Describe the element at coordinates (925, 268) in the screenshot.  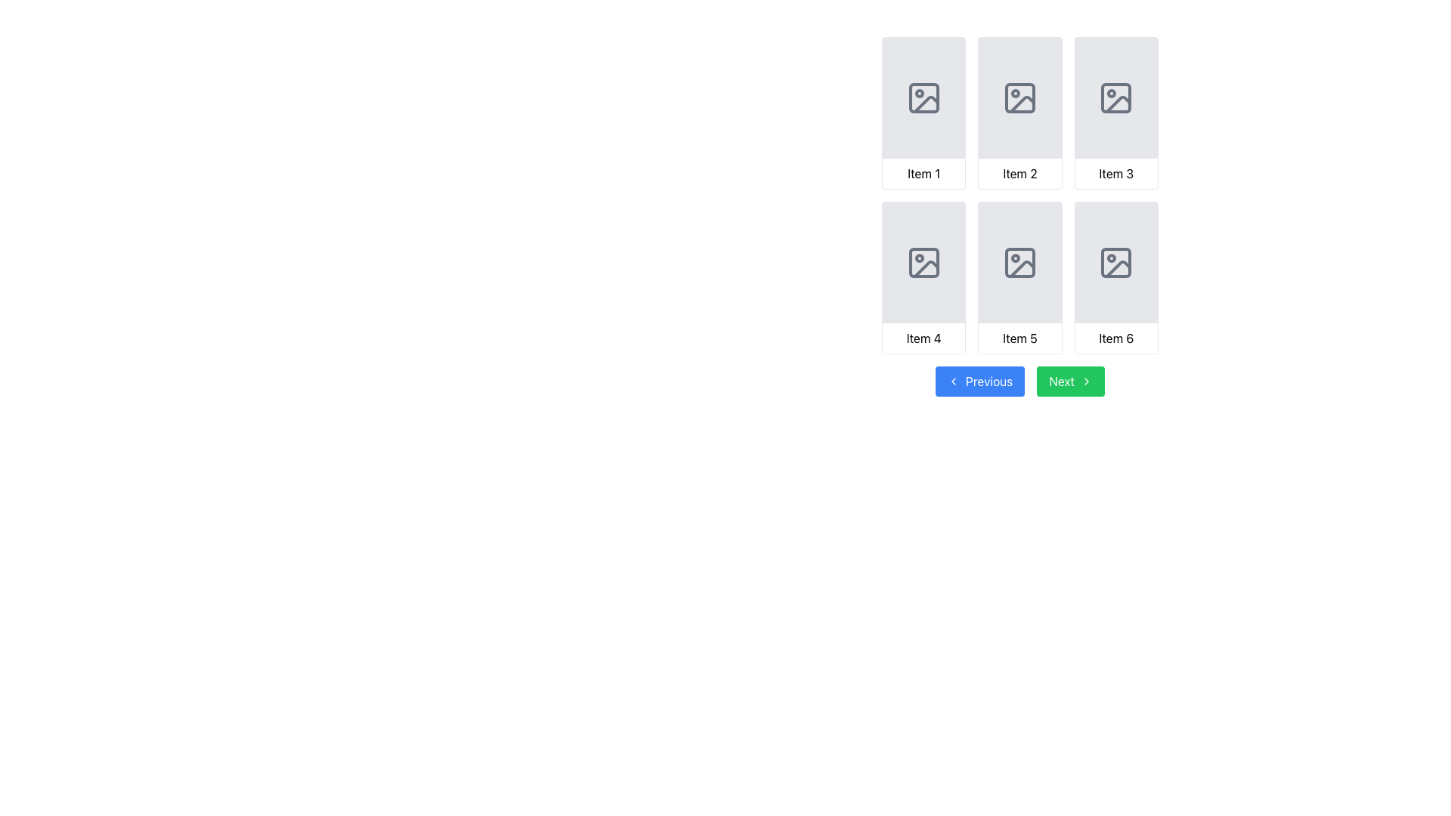
I see `the mountainous terrain graphic within the fourth icon in the grid layout, located in the second row and first column` at that location.